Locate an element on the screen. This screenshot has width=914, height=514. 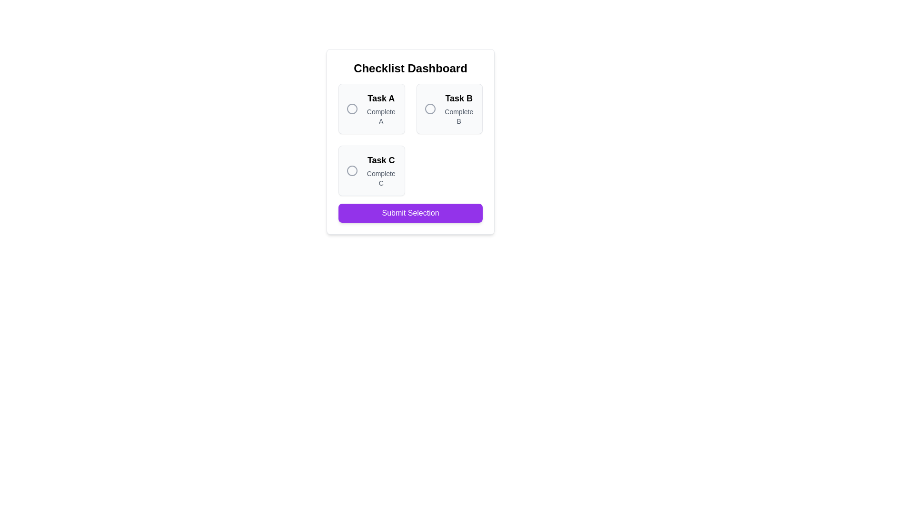
the subtitle or status label corresponding to the checklist item 'Task B', which is positioned below its sibling element labeled 'Task B' in the second checklist card is located at coordinates (459, 116).